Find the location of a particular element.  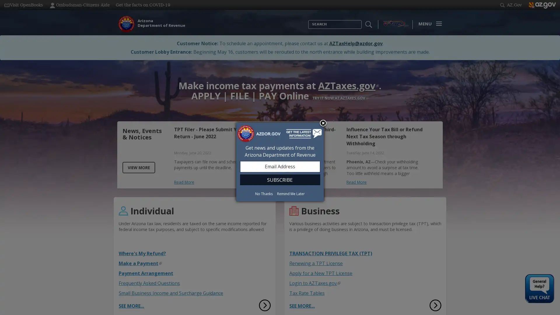

Search is located at coordinates (308, 29).